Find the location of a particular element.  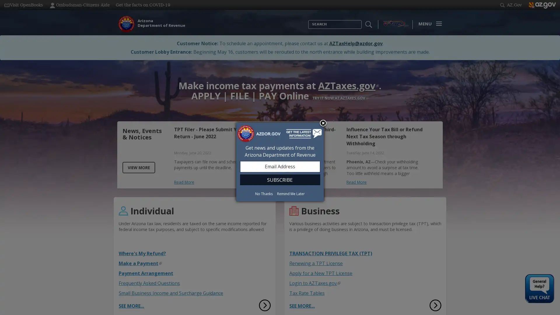

Search is located at coordinates (308, 29).